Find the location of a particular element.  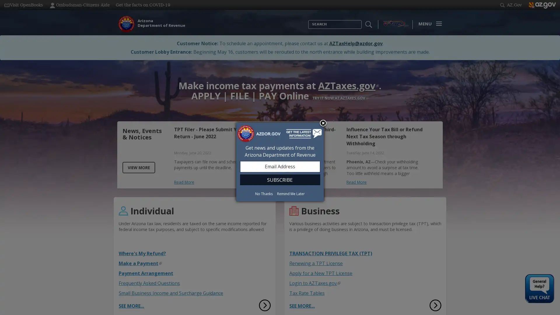

Search is located at coordinates (308, 29).